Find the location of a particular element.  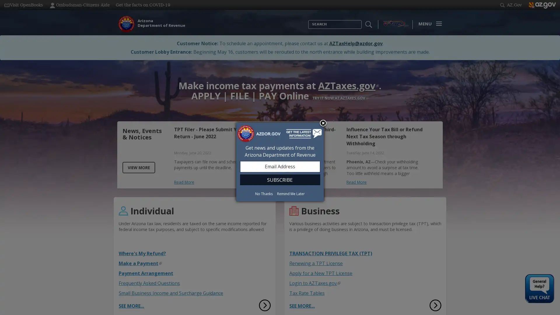

Search is located at coordinates (308, 29).